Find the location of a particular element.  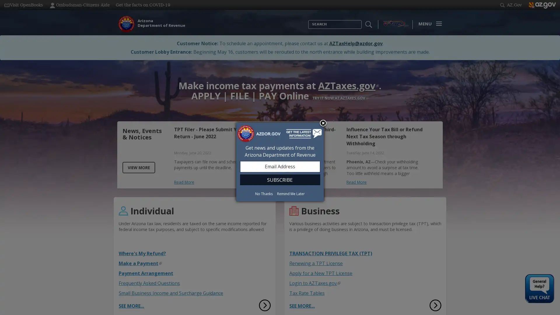

Search is located at coordinates (308, 29).